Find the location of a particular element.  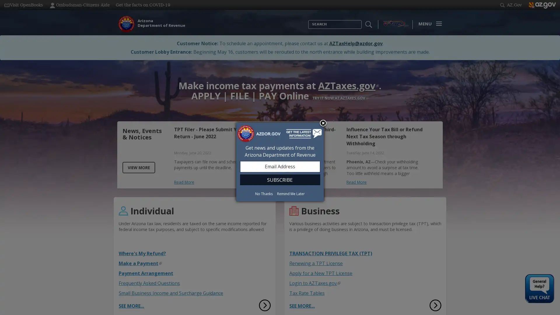

Search is located at coordinates (308, 29).